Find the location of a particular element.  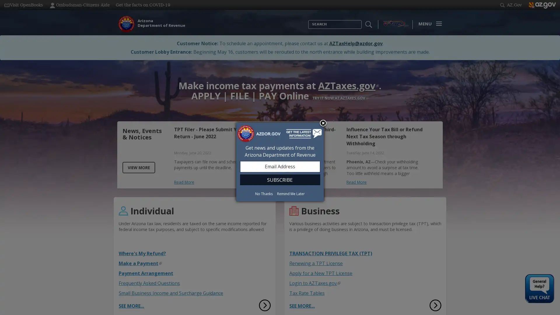

Search is located at coordinates (308, 29).